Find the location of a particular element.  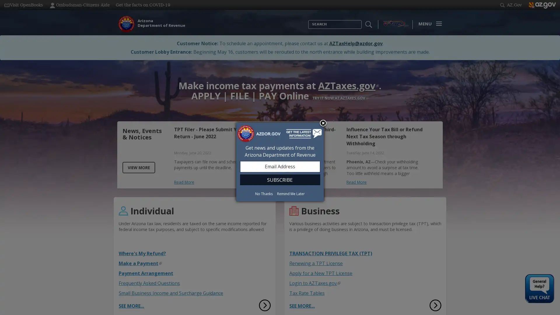

Search is located at coordinates (308, 29).